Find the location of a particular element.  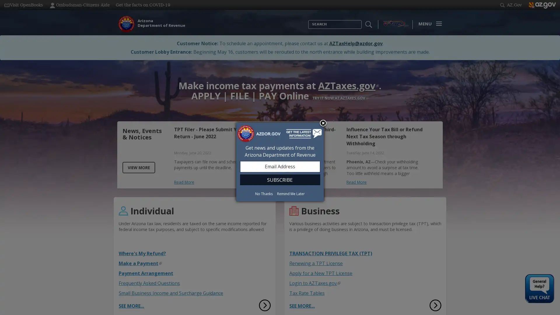

Search is located at coordinates (308, 29).